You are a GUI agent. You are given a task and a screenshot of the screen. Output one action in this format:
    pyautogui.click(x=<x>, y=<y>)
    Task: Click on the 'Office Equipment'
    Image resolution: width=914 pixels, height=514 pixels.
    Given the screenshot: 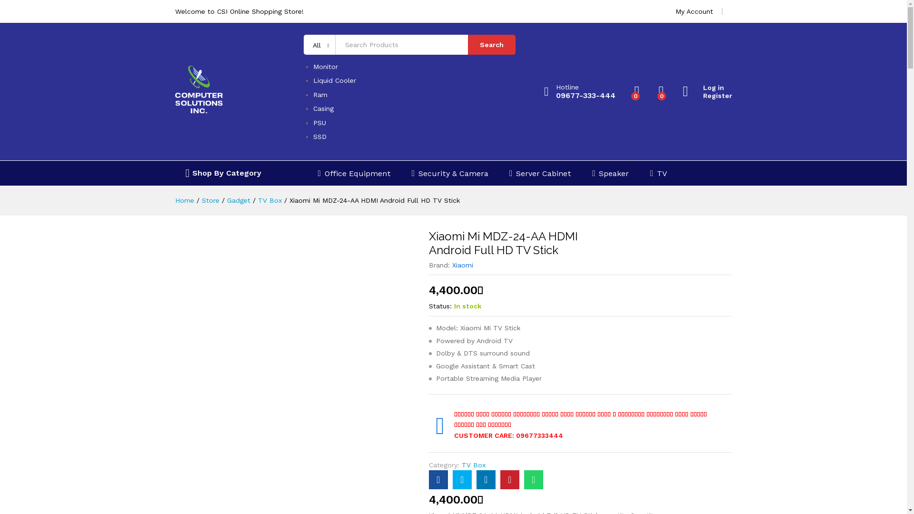 What is the action you would take?
    pyautogui.click(x=318, y=173)
    